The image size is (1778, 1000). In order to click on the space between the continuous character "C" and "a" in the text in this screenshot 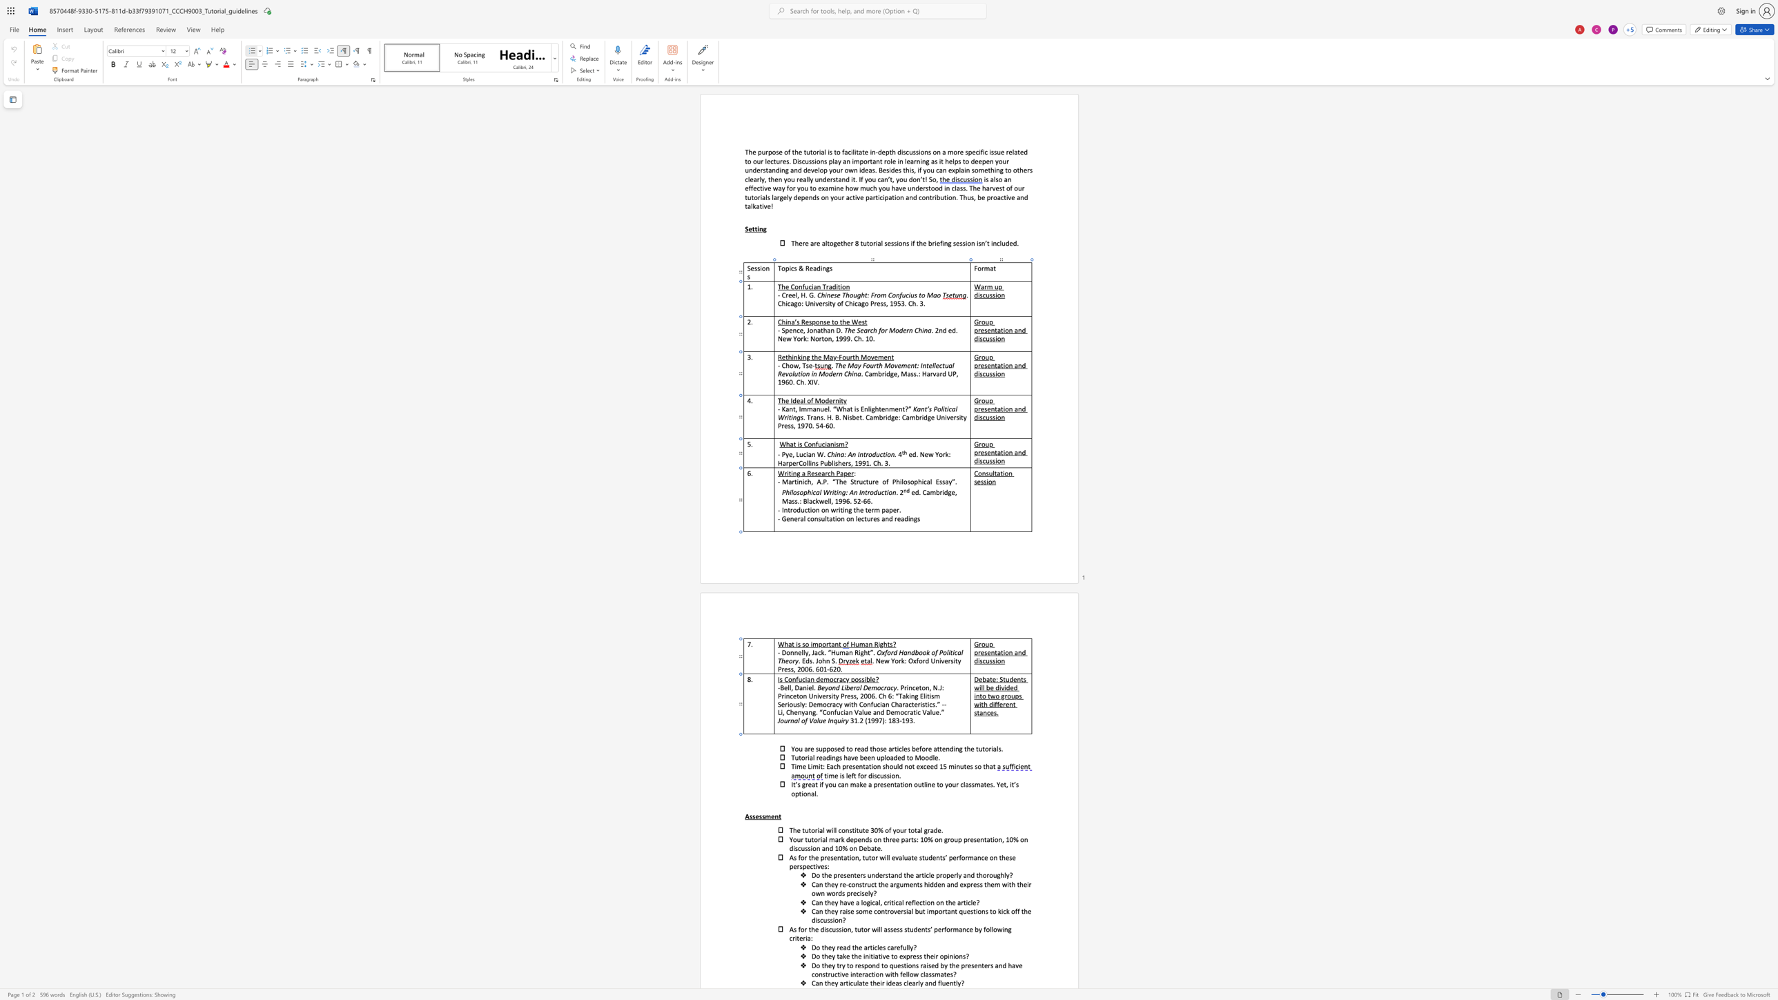, I will do `click(815, 883)`.